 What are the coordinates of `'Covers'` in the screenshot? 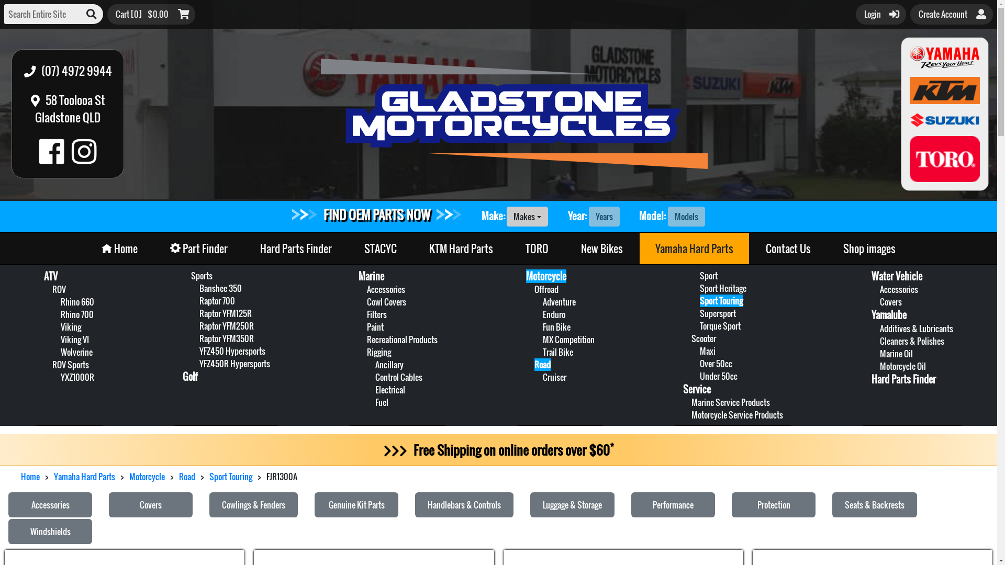 It's located at (150, 504).